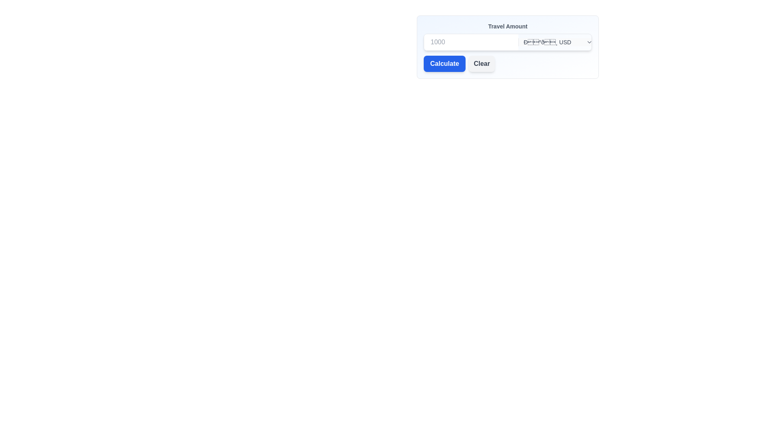 The width and height of the screenshot is (780, 439). Describe the element at coordinates (589, 42) in the screenshot. I see `the Chevron icon located on the right-hand side of the currency code text listing` at that location.